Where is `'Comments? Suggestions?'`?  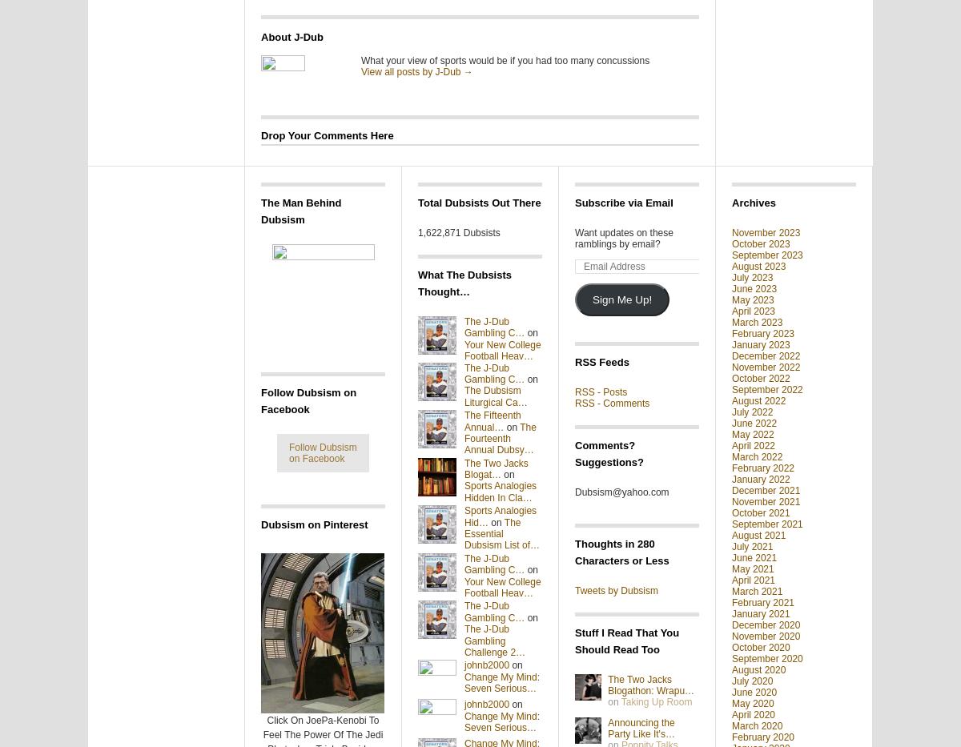
'Comments? Suggestions?' is located at coordinates (608, 452).